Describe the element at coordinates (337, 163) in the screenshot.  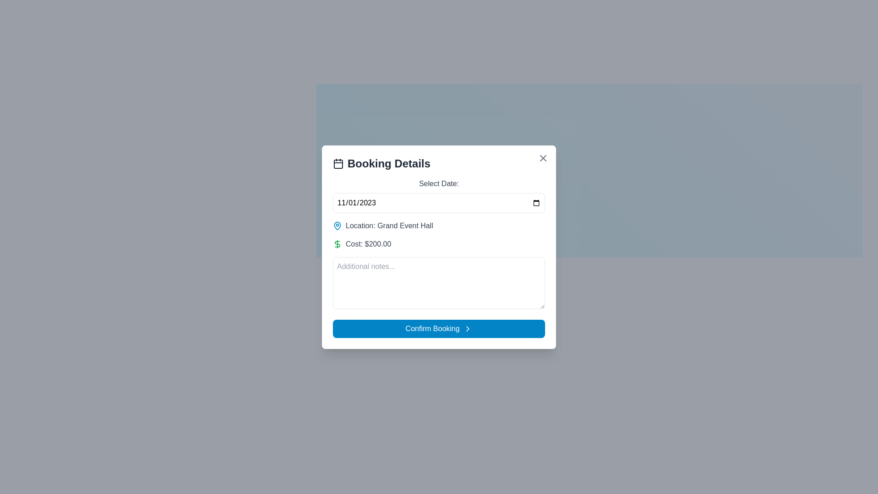
I see `the calendar icon located to the left of the 'Booking Details' text` at that location.